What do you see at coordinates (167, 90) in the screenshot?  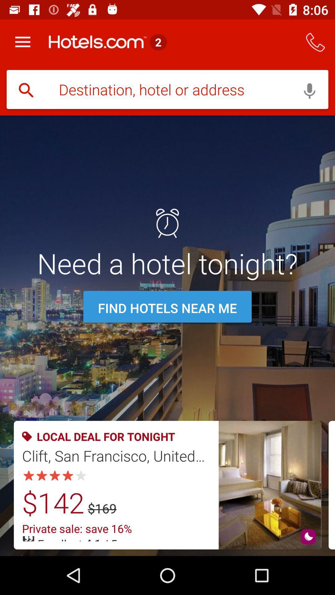 I see `the destination hotel or item` at bounding box center [167, 90].